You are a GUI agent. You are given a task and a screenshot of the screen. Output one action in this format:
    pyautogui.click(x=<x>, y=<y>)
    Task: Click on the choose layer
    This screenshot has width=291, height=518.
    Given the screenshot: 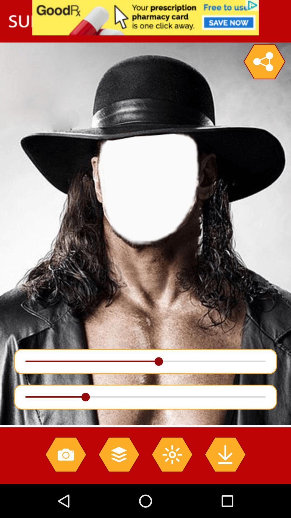 What is the action you would take?
    pyautogui.click(x=119, y=454)
    